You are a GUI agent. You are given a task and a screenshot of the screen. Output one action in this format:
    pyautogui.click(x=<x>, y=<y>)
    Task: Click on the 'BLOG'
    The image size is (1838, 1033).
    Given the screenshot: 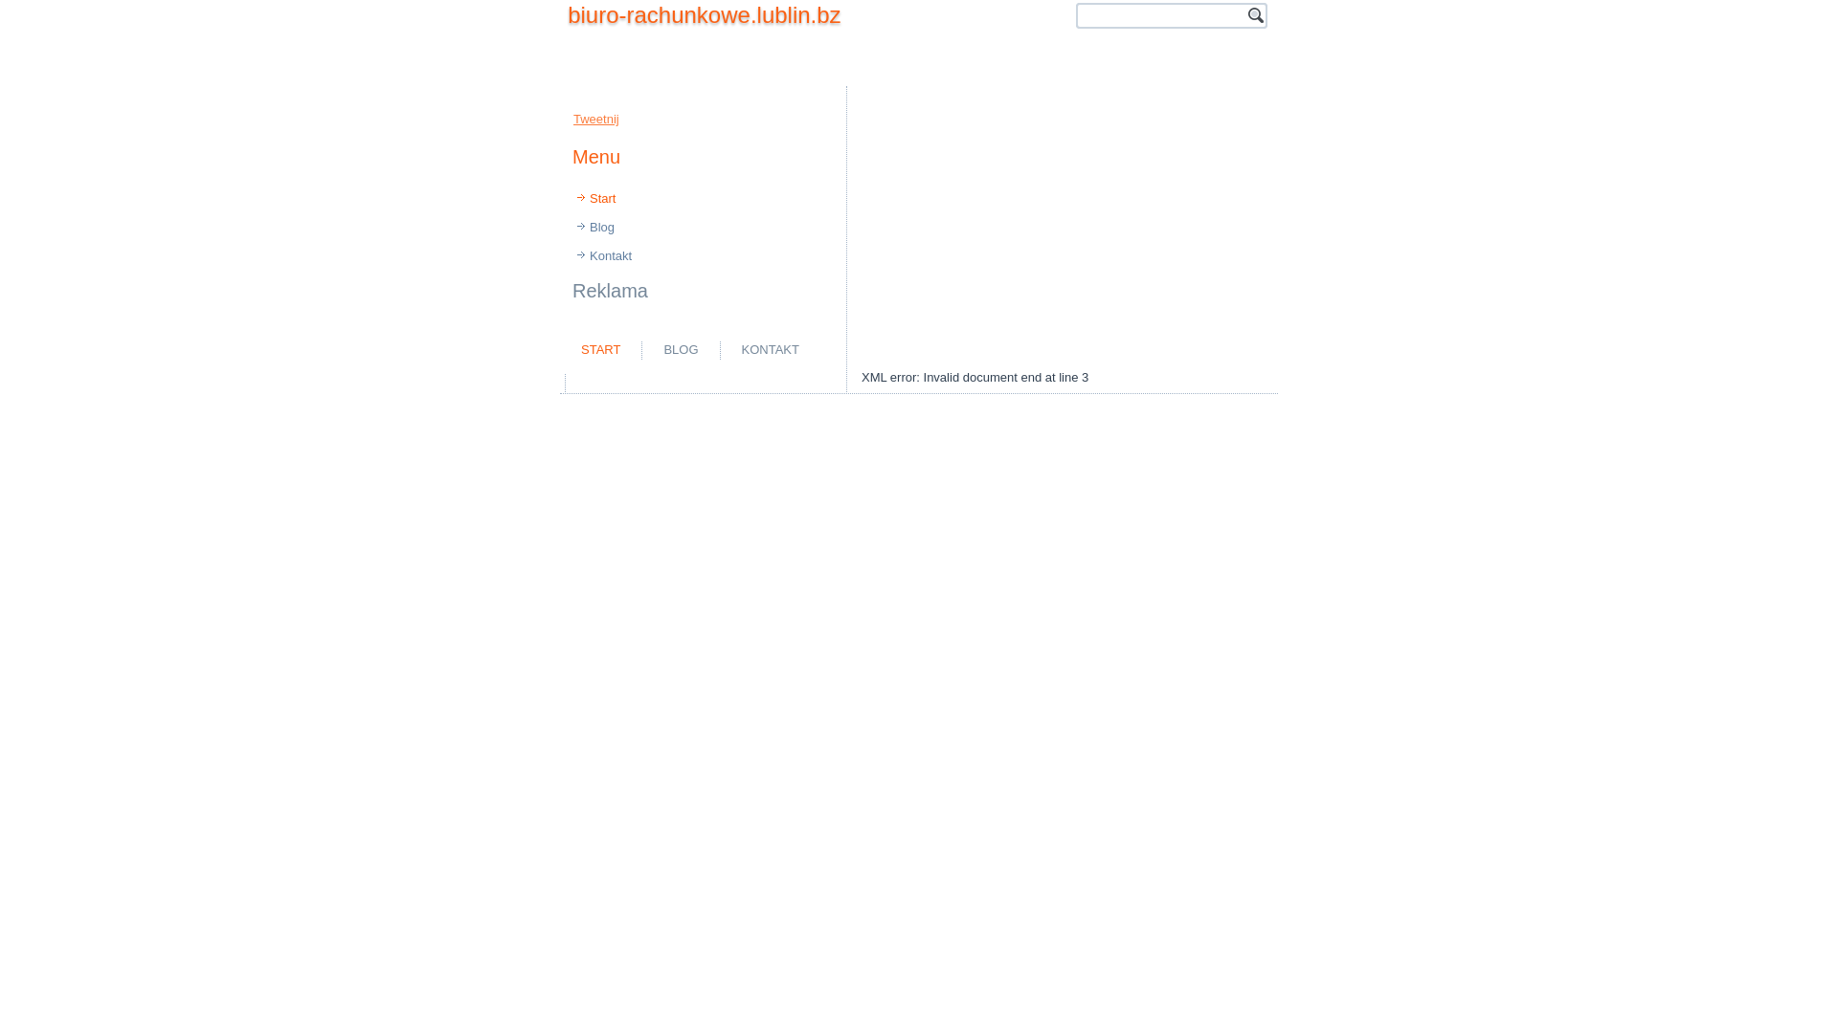 What is the action you would take?
    pyautogui.click(x=680, y=349)
    